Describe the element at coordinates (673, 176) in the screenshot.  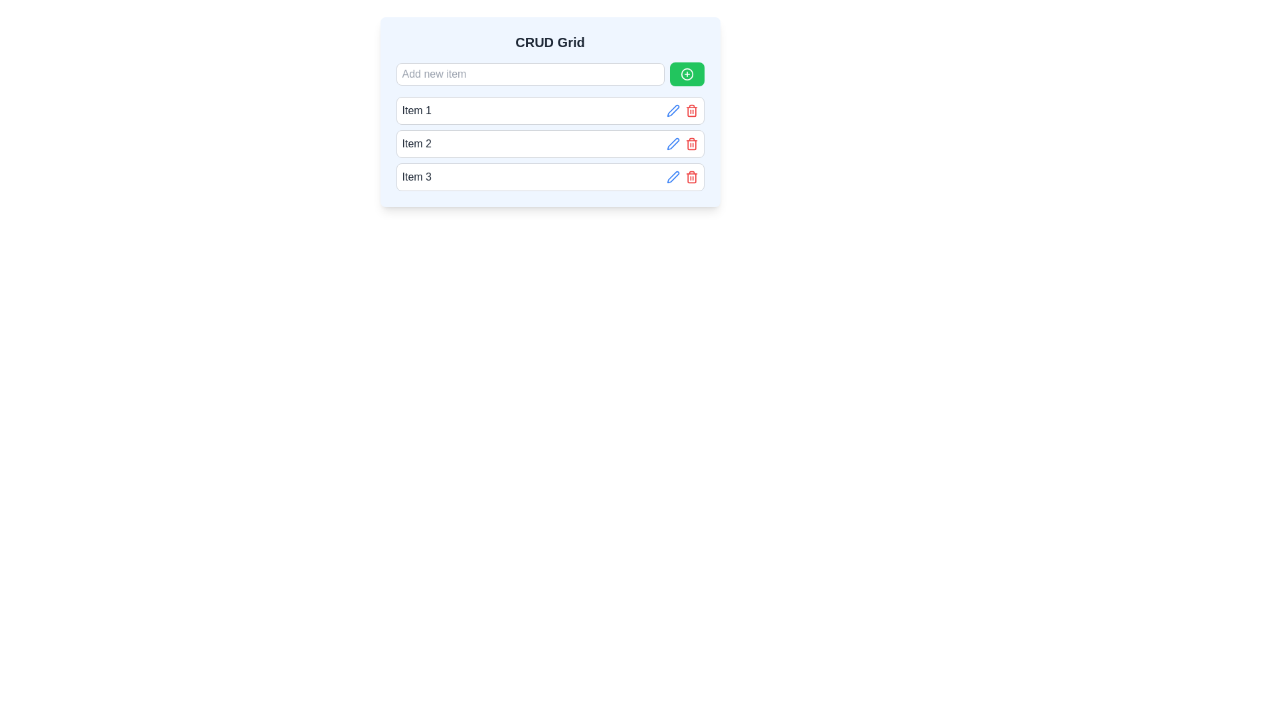
I see `the 'Edit' button icon located in the second position among the icons on the right side of each row in the CRUD grid` at that location.